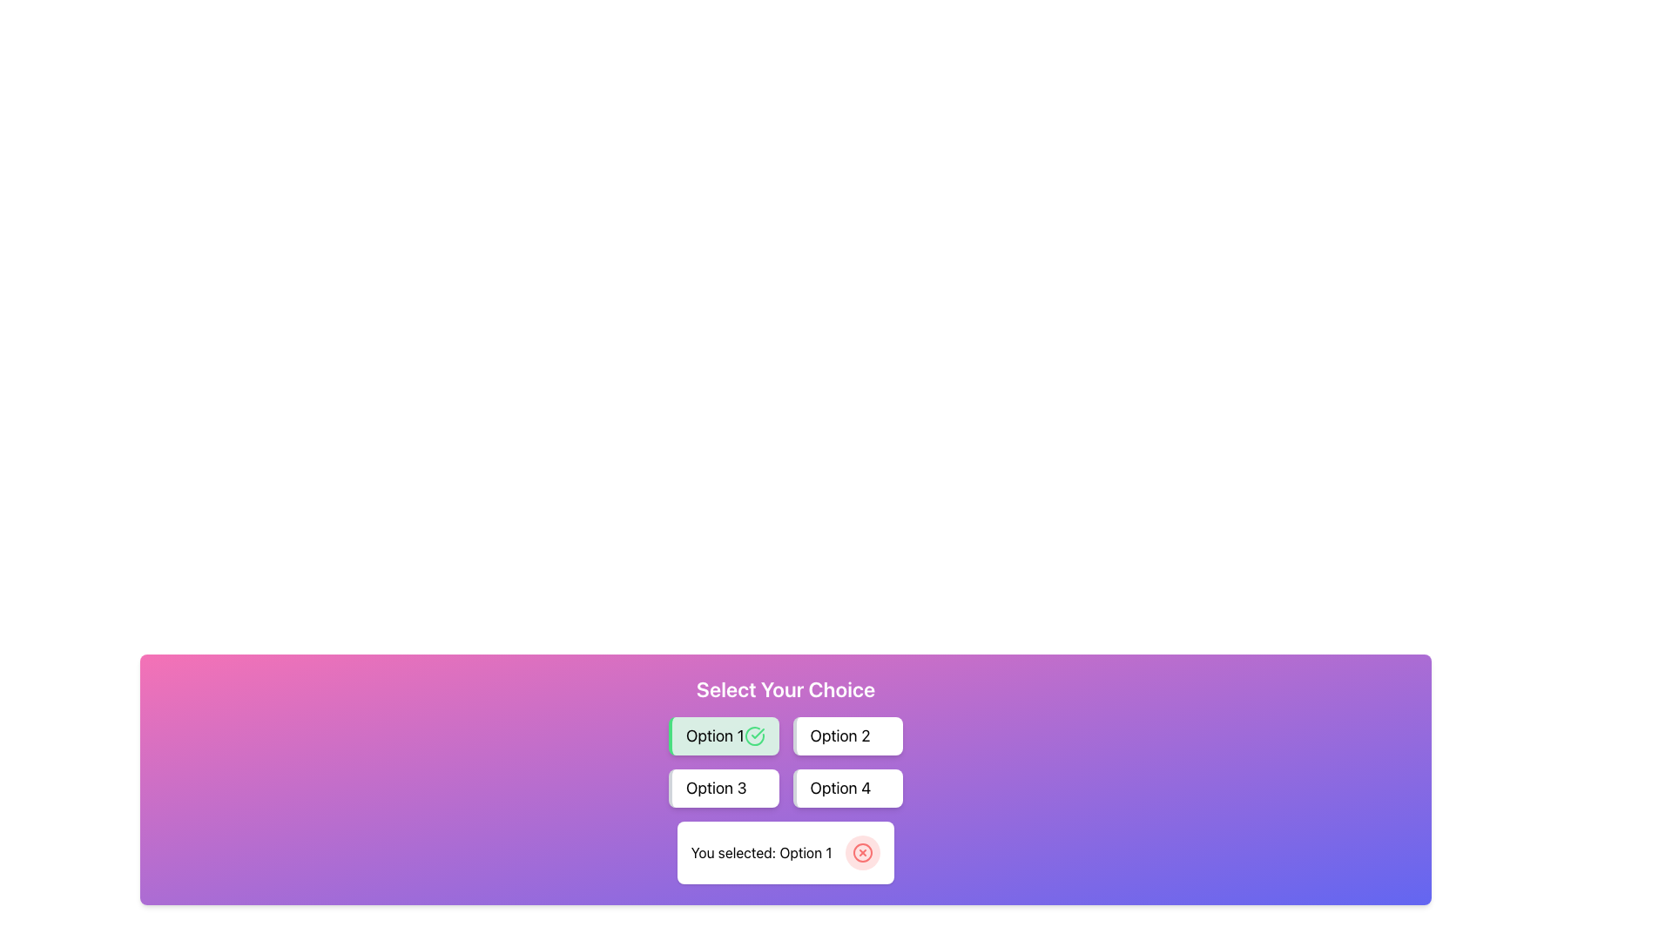 Image resolution: width=1672 pixels, height=940 pixels. Describe the element at coordinates (863, 851) in the screenshot. I see `the circular close button with a light red background and red 'X' icon, located to the right of the text 'You selected: Option 1.'` at that location.